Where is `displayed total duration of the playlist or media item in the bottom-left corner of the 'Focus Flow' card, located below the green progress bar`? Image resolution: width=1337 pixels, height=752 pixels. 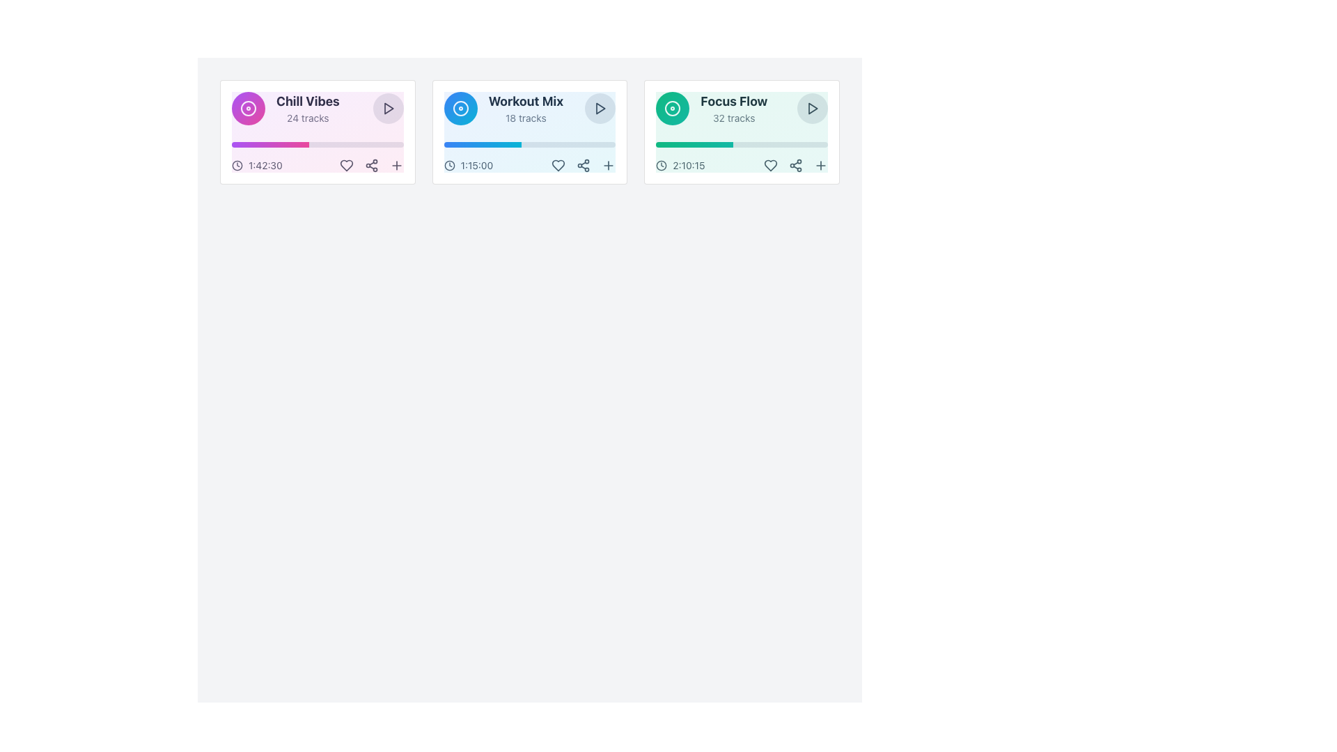
displayed total duration of the playlist or media item in the bottom-left corner of the 'Focus Flow' card, located below the green progress bar is located at coordinates (680, 165).